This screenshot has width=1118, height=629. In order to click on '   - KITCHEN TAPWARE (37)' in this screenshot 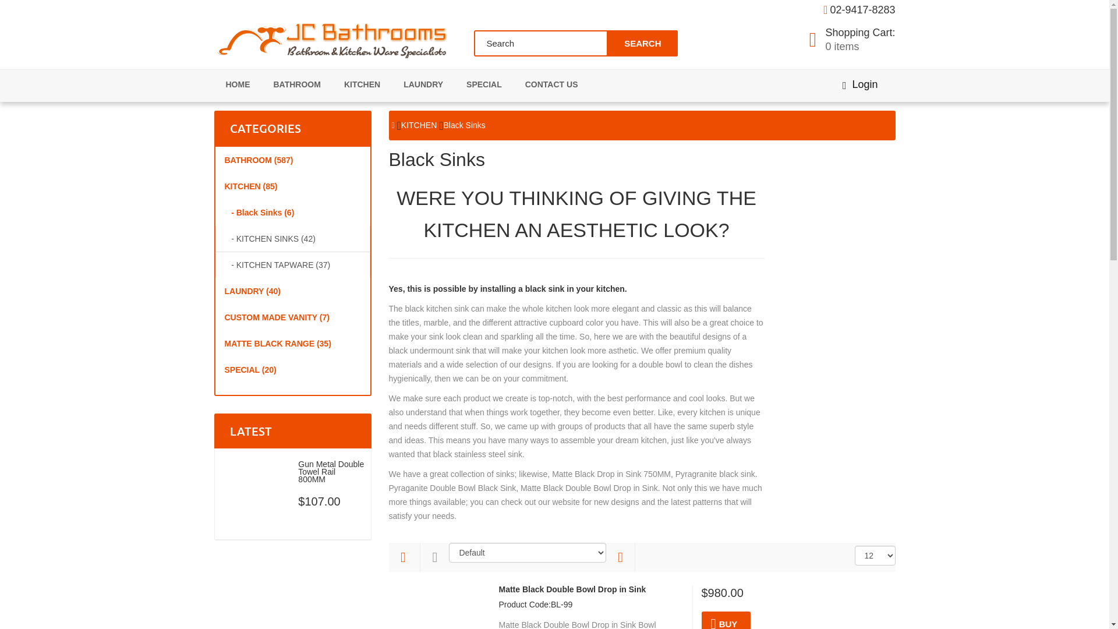, I will do `click(293, 265)`.